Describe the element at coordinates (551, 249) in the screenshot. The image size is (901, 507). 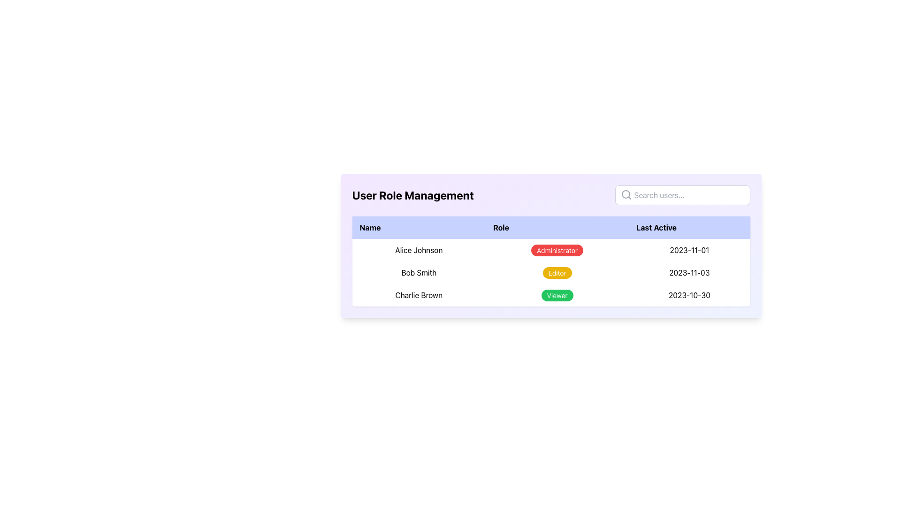
I see `the first Table Row element in the user management interface, which displays the name 'Alice Johnson', a role badge labeled 'Administrator', and the date '2023-11-01'` at that location.